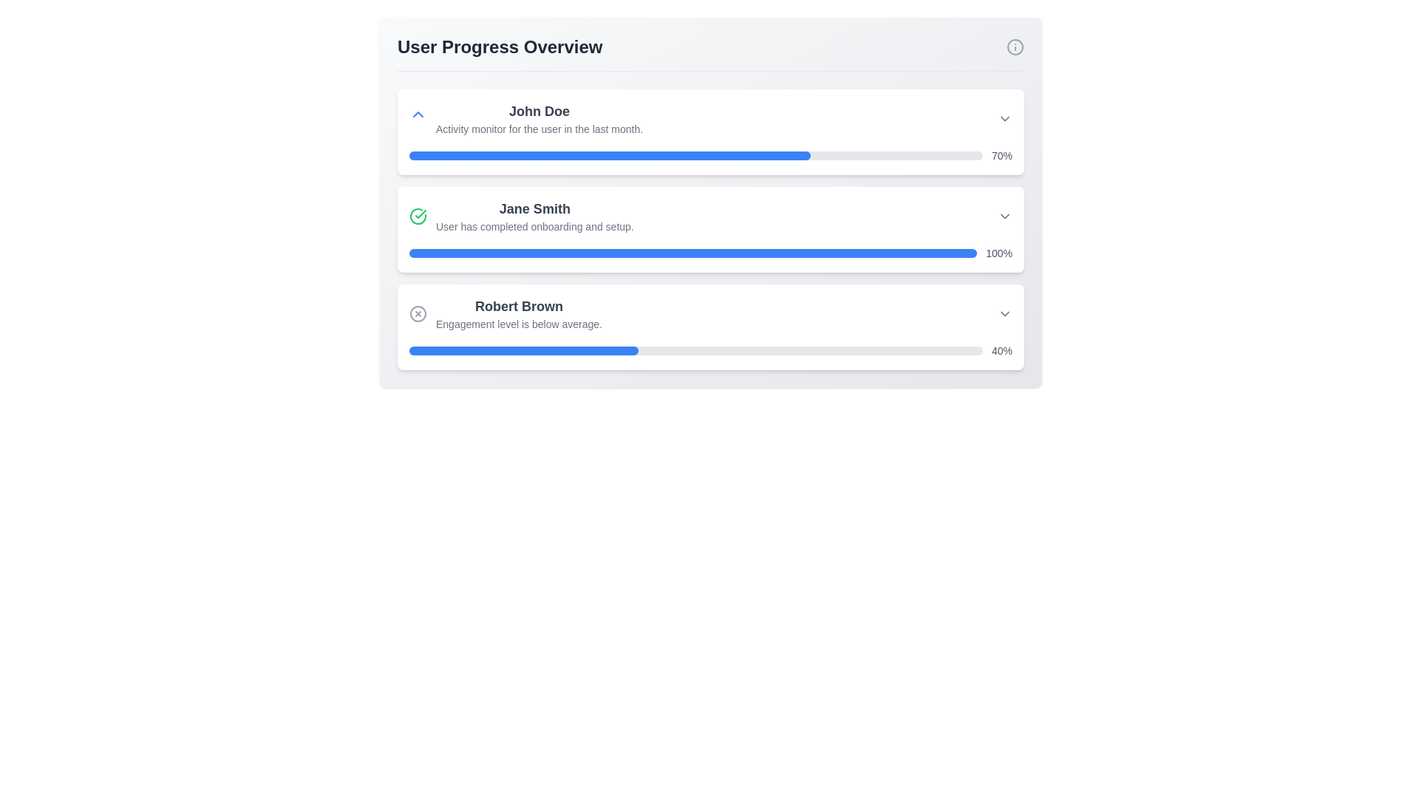 Image resolution: width=1419 pixels, height=798 pixels. Describe the element at coordinates (1004, 216) in the screenshot. I see `the Dropdown toggle icon at the right end of the row associated with 'Jane Smith'` at that location.